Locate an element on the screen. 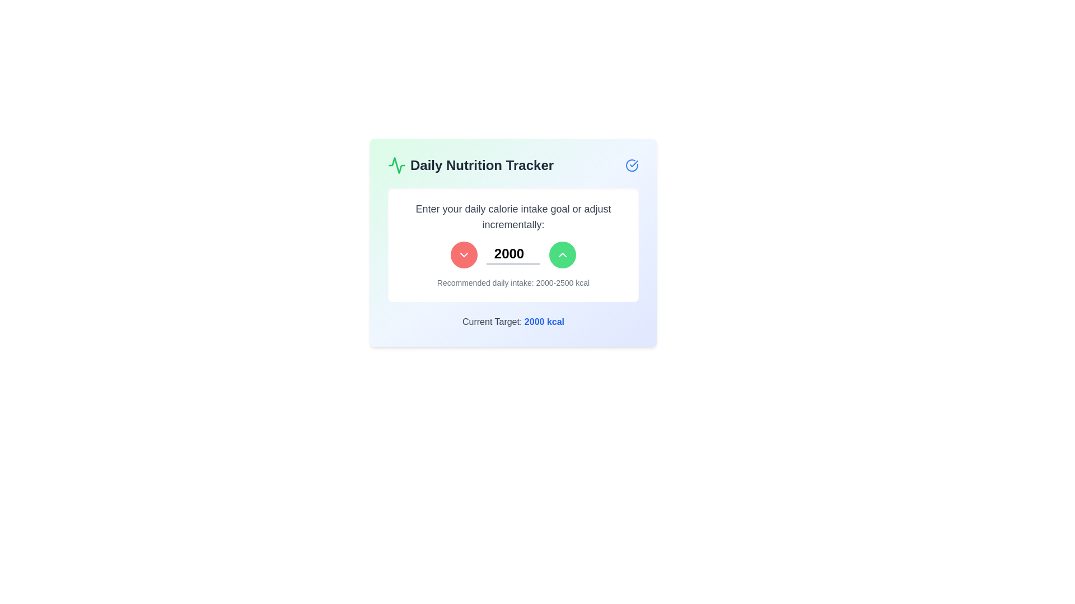 The image size is (1075, 604). the 'Daily Nutrition Tracker' header, which features a bold title and a green line chart icon on its left is located at coordinates (470, 166).